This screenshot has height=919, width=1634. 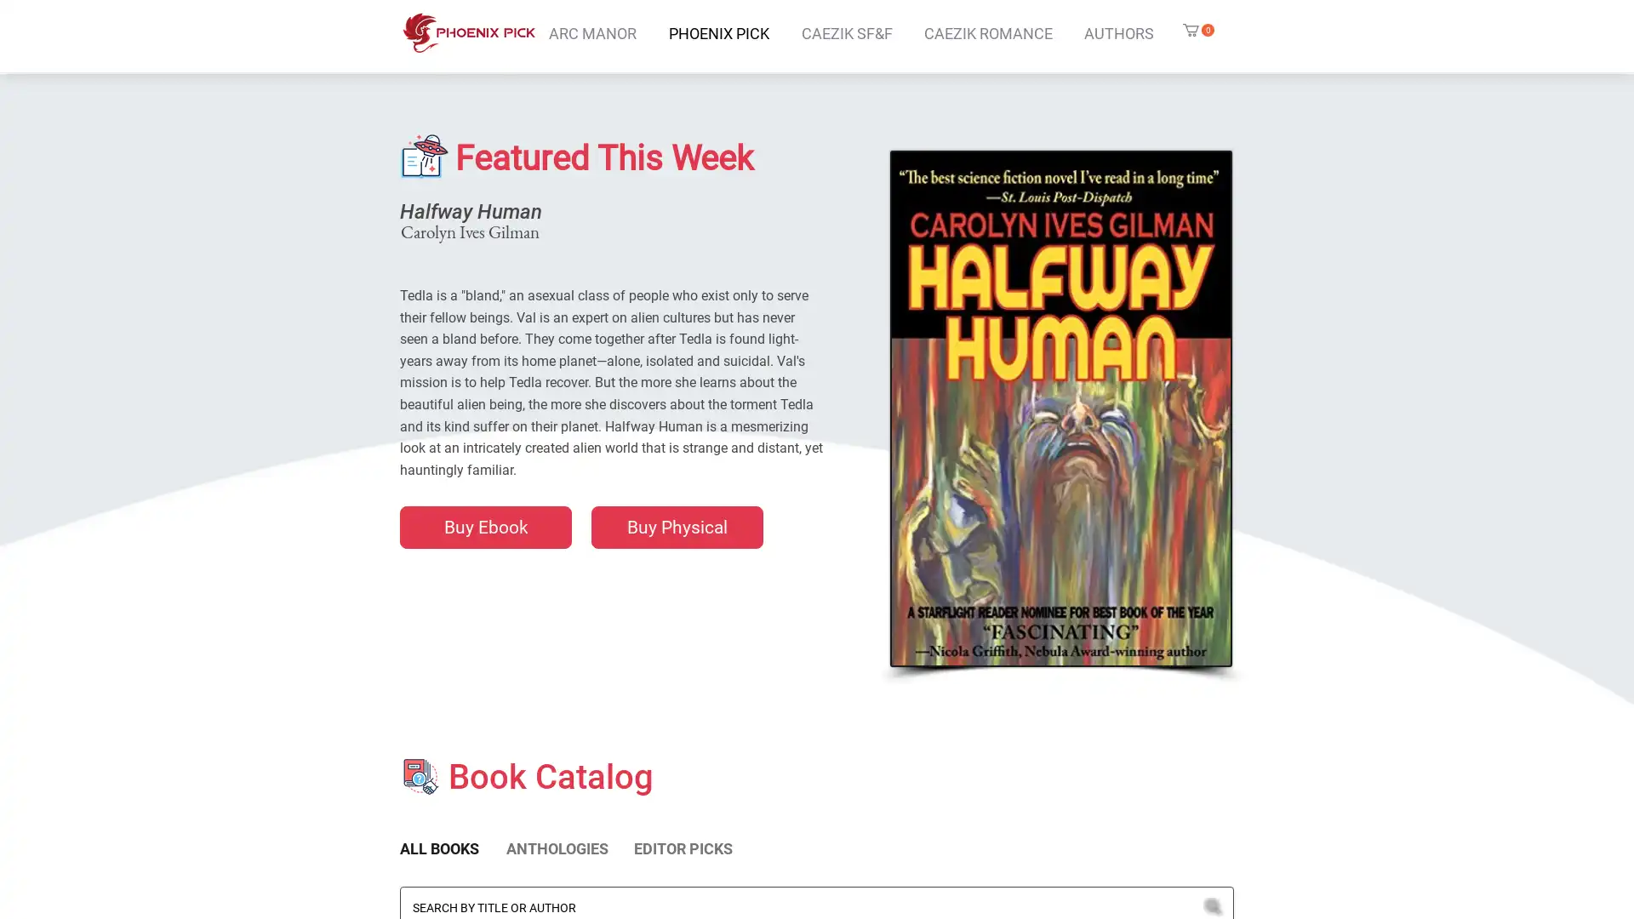 What do you see at coordinates (453, 849) in the screenshot?
I see `ALL BOOKS` at bounding box center [453, 849].